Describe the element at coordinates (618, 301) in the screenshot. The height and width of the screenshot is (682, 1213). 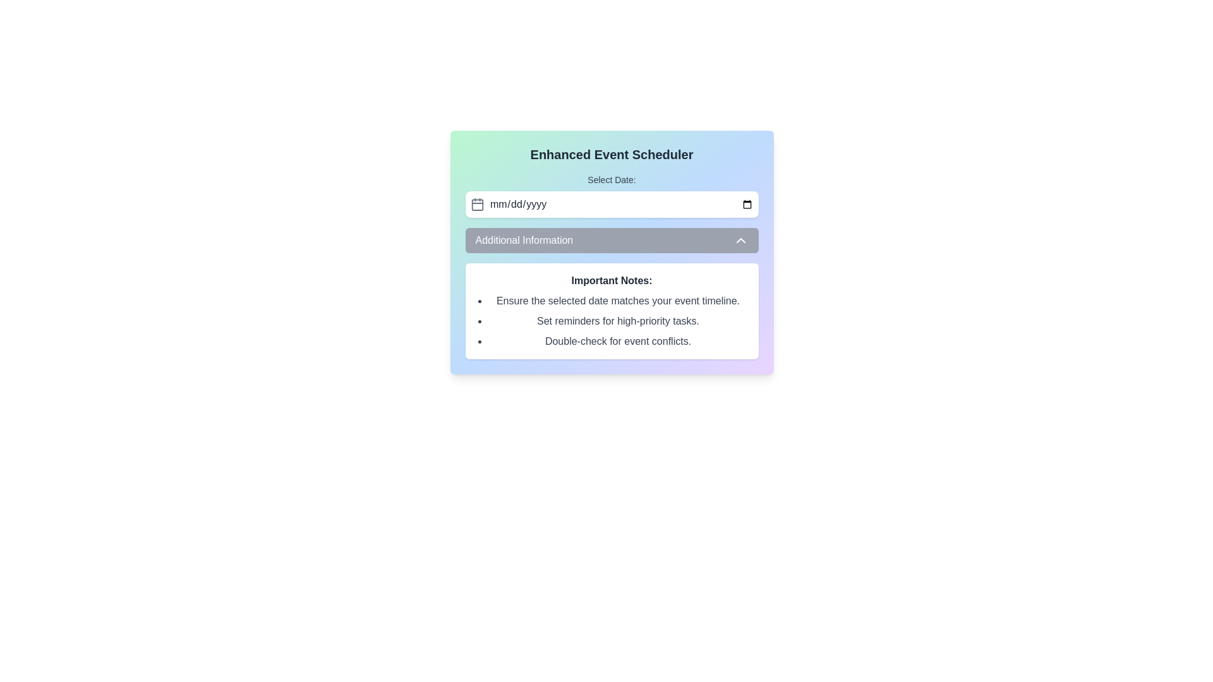
I see `first item in the bulleted list under 'Important Notes:', which states 'Ensure the selected date matches your event timeline.'` at that location.